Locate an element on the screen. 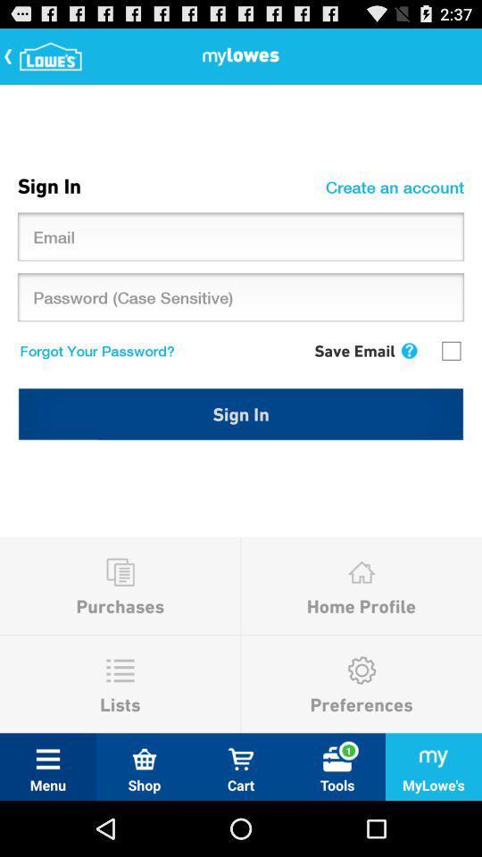 This screenshot has height=857, width=482. the icon above the sign in is located at coordinates (93, 349).